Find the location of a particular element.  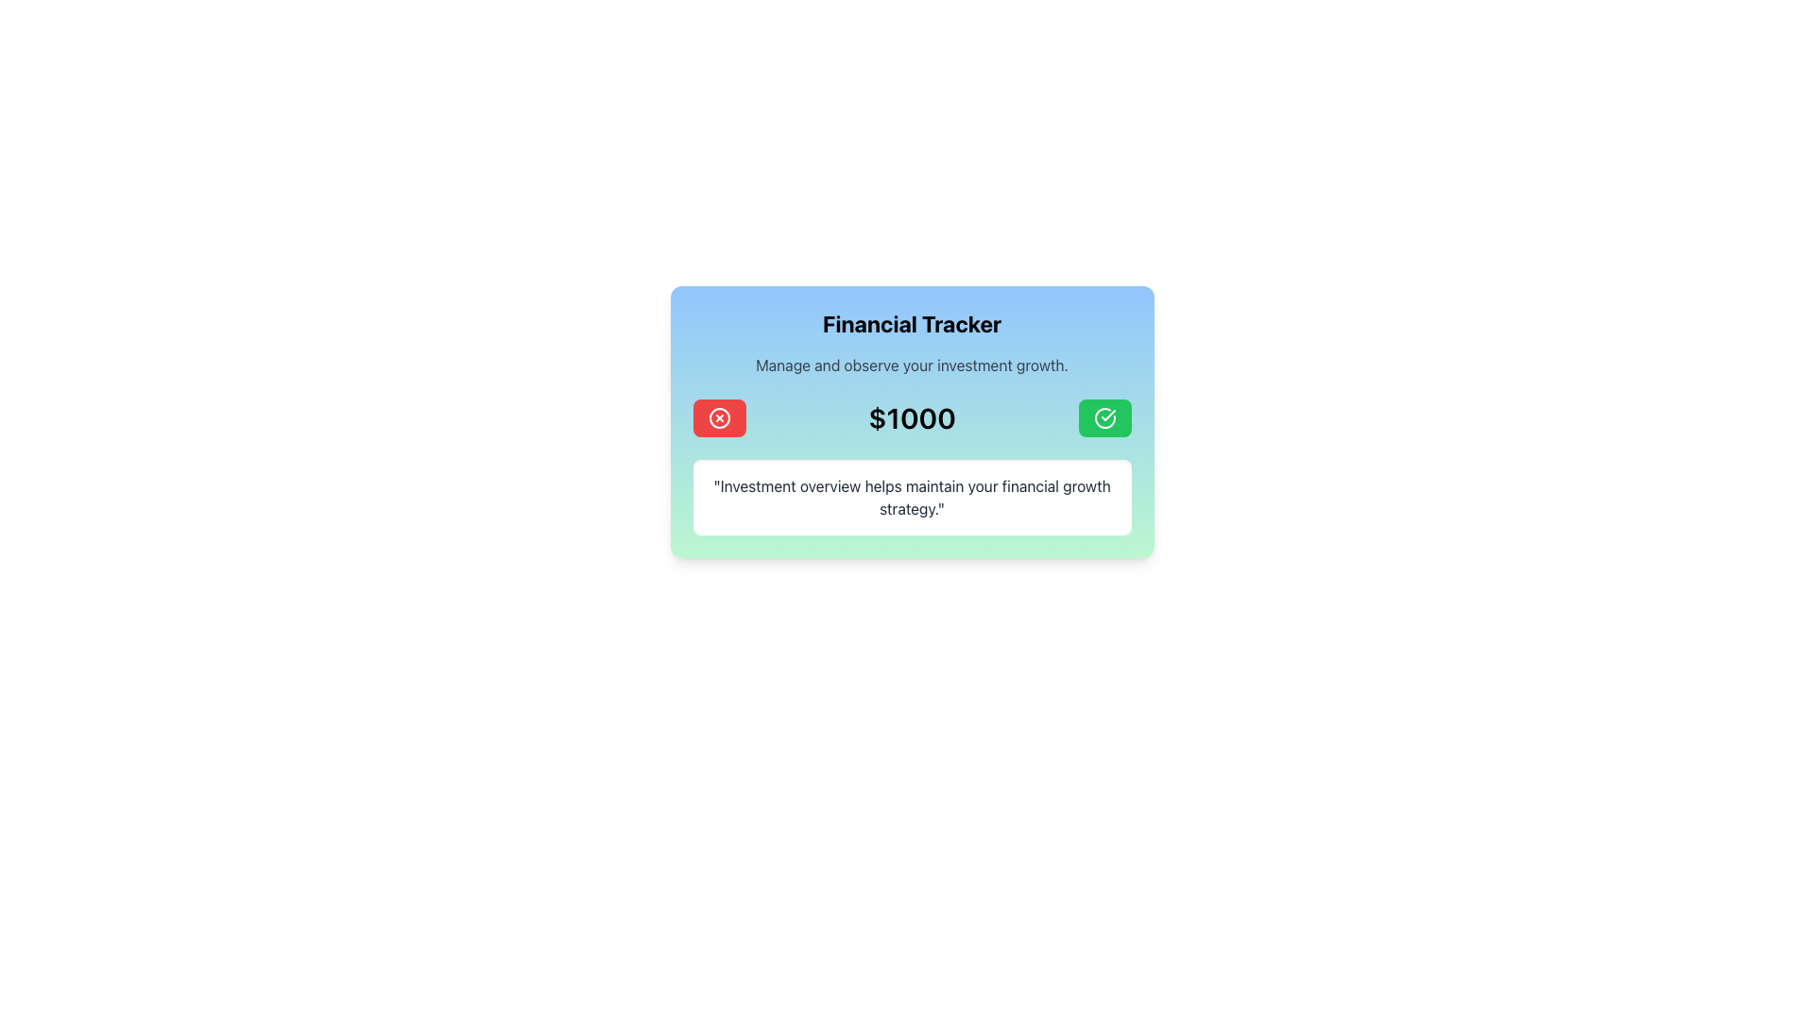

the vector-based checkmark icon located within the circular icon at the top-right corner of the card layout is located at coordinates (1107, 414).